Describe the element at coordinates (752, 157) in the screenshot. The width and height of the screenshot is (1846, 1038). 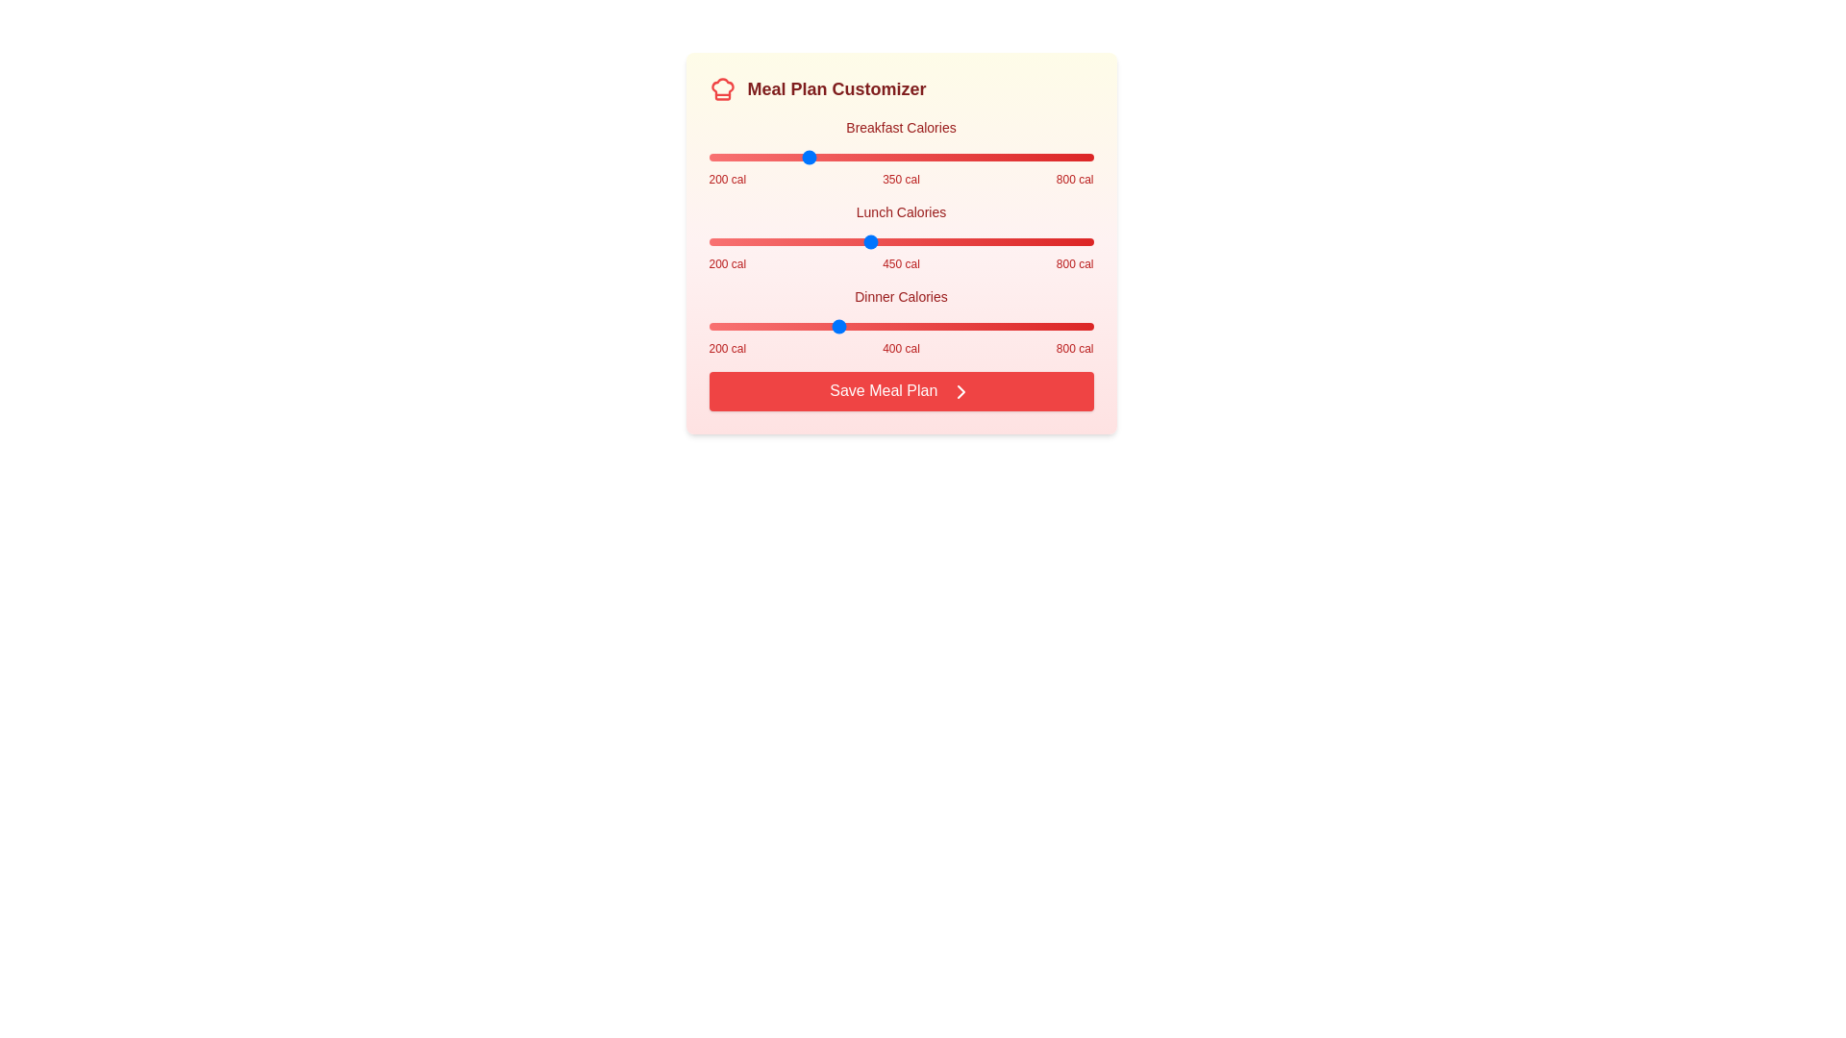
I see `the Breakfast Calories slider to 269 calories` at that location.